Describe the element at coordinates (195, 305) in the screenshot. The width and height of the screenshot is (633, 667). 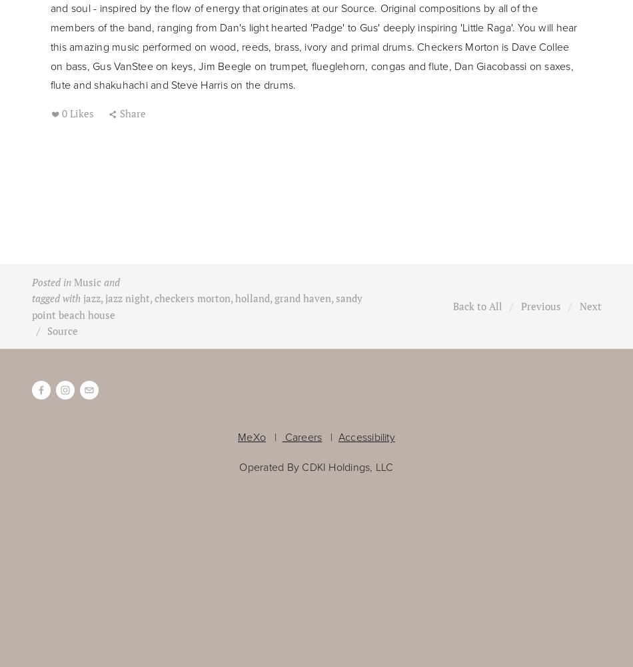
I see `'sandy point beach house'` at that location.